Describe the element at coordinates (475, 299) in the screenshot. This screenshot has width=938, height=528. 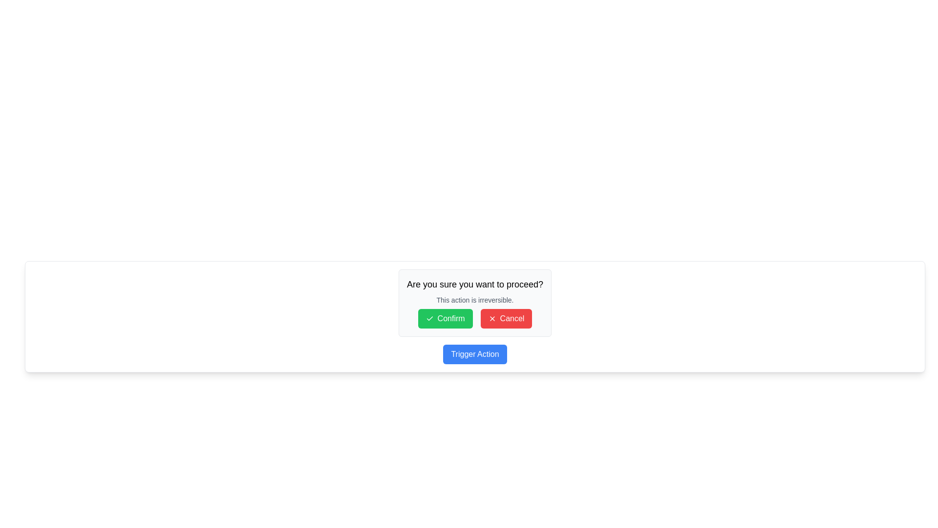
I see `the static text label that reads 'This action is irreversible.' positioned in the confirmation modal dialog, located beneath the header text 'Are you sure you want to proceed?'` at that location.